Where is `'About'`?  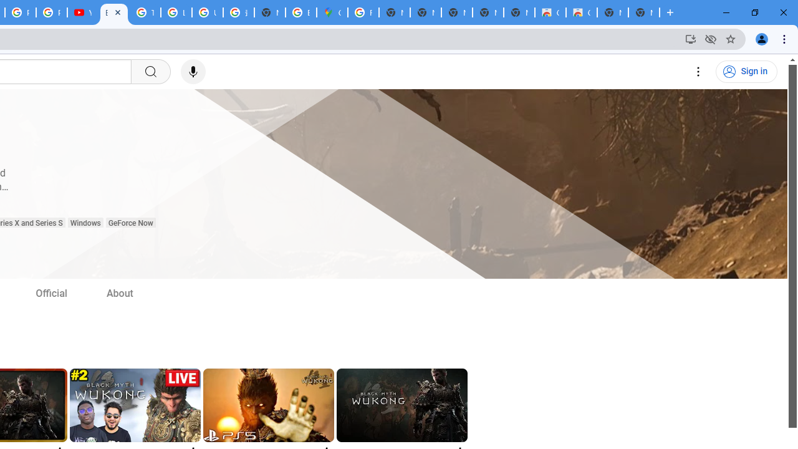
'About' is located at coordinates (120, 293).